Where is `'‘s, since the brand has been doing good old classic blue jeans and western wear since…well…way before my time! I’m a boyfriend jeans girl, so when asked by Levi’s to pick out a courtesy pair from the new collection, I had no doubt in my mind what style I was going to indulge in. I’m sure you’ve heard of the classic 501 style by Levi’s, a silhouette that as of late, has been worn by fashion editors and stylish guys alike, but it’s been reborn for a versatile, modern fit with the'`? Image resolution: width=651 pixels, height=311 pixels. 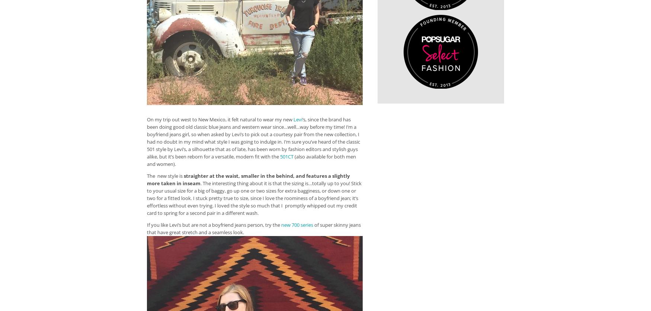 '‘s, since the brand has been doing good old classic blue jeans and western wear since…well…way before my time! I’m a boyfriend jeans girl, so when asked by Levi’s to pick out a courtesy pair from the new collection, I had no doubt in my mind what style I was going to indulge in. I’m sure you’ve heard of the classic 501 style by Levi’s, a silhouette that as of late, has been worn by fashion editors and stylish guys alike, but it’s been reborn for a versatile, modern fit with the' is located at coordinates (146, 137).